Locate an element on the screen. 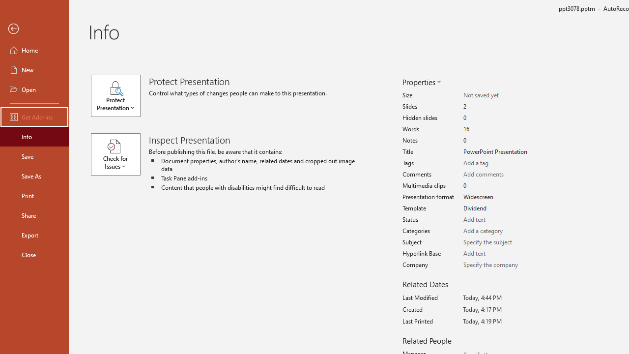 The height and width of the screenshot is (354, 629). 'Check for Issues' is located at coordinates (119, 154).